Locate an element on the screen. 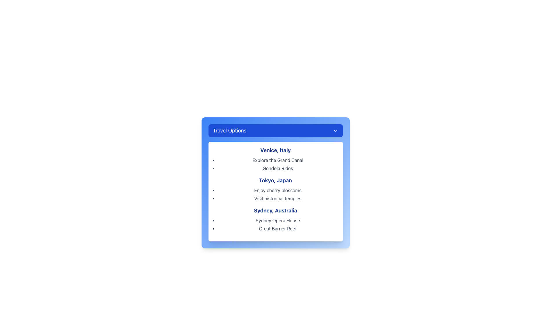 This screenshot has height=313, width=556. the header text label displaying 'Tokyo, Japan', which is styled in bold and blue font, located centrally within a structured list in a card layout, positioned below 'Venice, Italy' is located at coordinates (275, 180).